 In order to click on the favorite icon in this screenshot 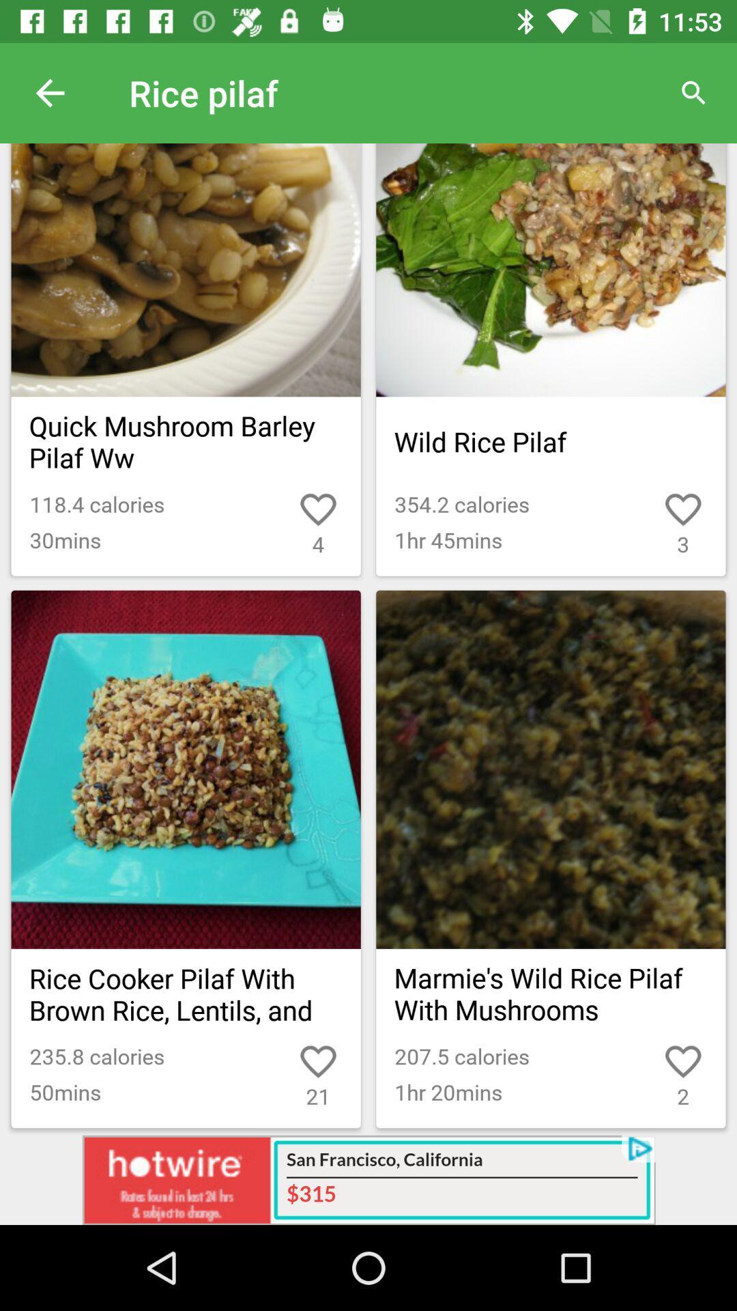, I will do `click(652, 1050)`.